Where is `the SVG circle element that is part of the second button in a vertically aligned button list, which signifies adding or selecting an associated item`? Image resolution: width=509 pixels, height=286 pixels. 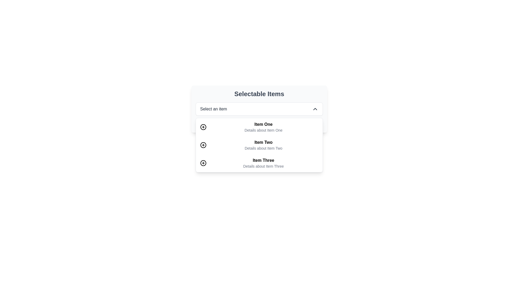
the SVG circle element that is part of the second button in a vertically aligned button list, which signifies adding or selecting an associated item is located at coordinates (203, 145).